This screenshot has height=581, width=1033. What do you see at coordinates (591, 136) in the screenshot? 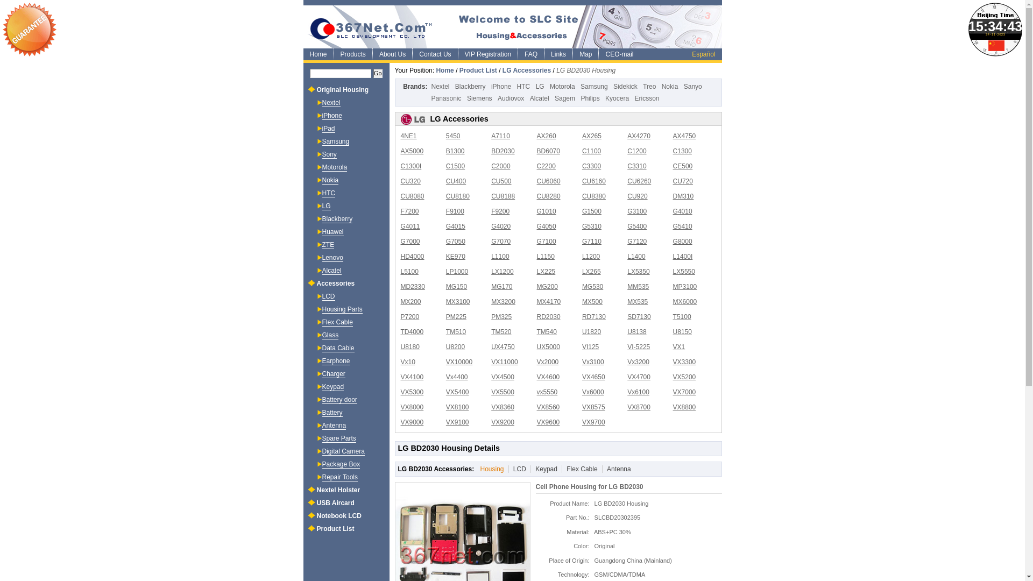
I see `'AX265'` at bounding box center [591, 136].